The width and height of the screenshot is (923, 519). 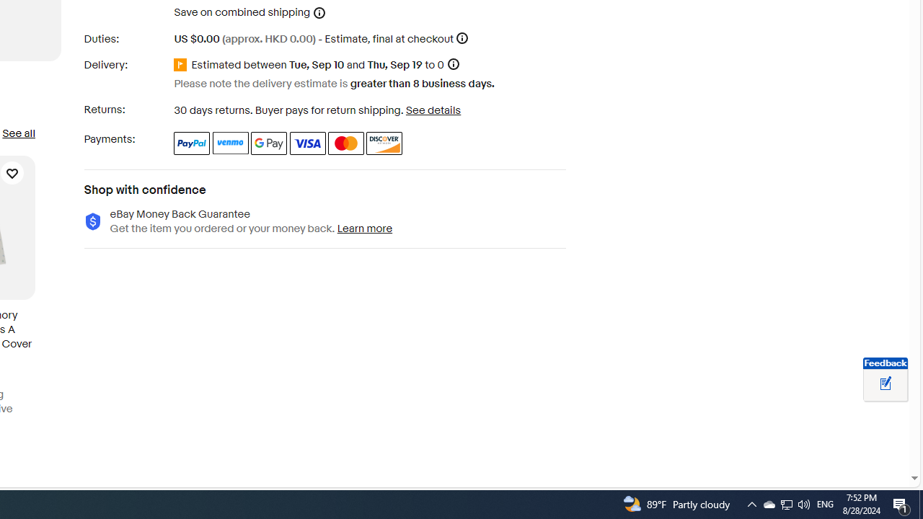 What do you see at coordinates (432, 110) in the screenshot?
I see `'See details - for more information about returns'` at bounding box center [432, 110].